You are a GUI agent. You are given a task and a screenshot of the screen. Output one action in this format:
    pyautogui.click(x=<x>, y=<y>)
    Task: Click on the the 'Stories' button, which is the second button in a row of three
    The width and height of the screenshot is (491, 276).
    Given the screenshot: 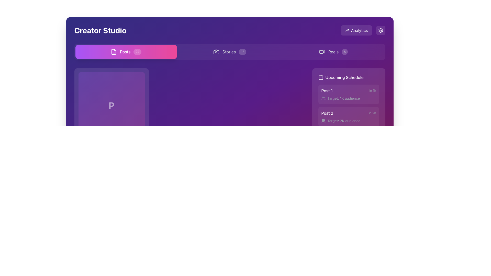 What is the action you would take?
    pyautogui.click(x=229, y=52)
    